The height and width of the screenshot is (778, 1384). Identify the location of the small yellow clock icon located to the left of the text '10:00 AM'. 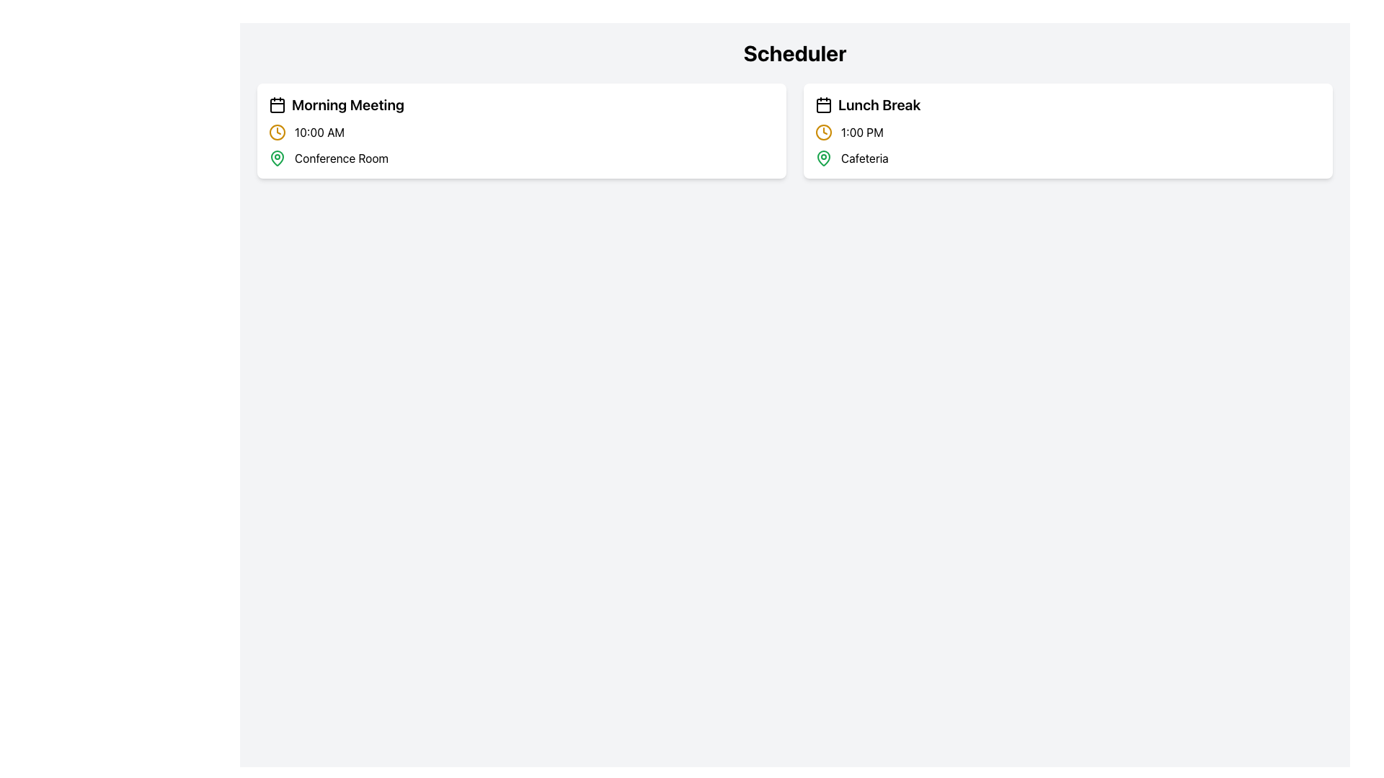
(277, 133).